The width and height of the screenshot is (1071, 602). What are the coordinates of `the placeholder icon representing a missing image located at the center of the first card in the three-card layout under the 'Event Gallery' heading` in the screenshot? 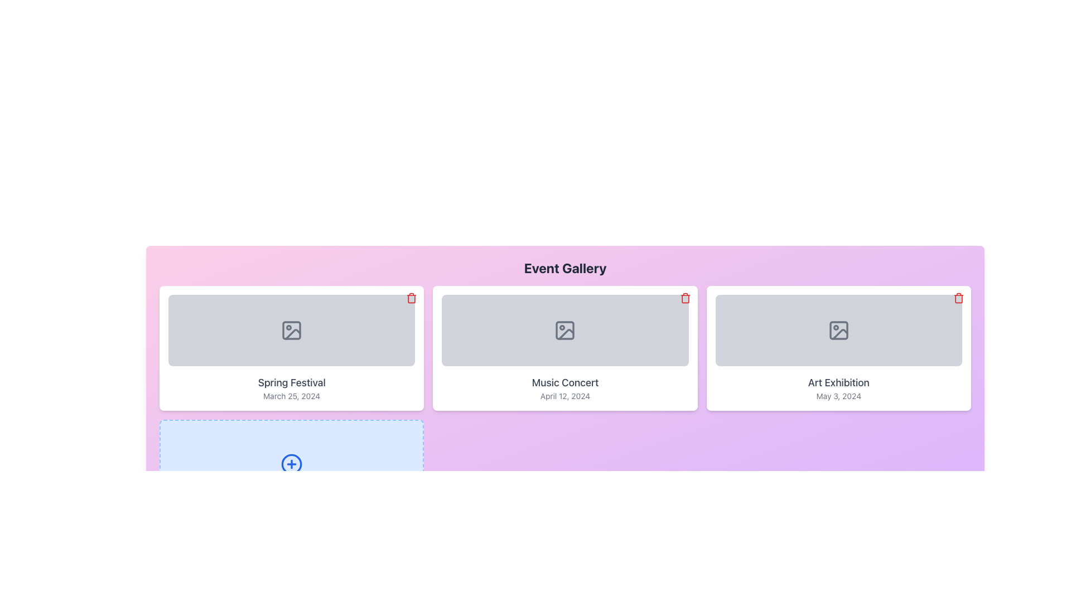 It's located at (292, 330).